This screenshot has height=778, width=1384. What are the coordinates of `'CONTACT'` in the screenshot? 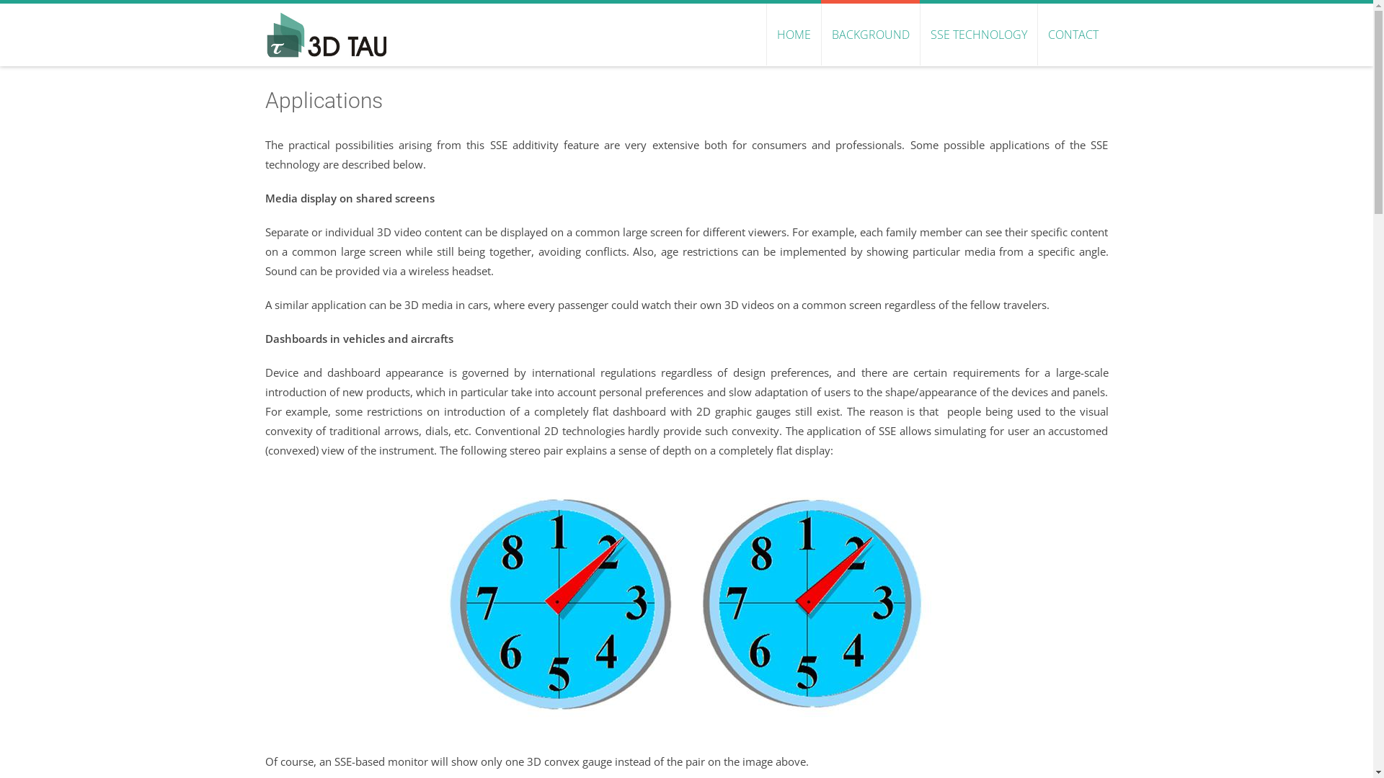 It's located at (1072, 33).